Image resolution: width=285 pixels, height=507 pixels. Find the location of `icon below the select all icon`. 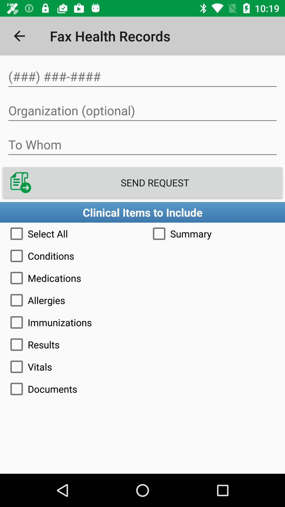

icon below the select all icon is located at coordinates (142, 256).